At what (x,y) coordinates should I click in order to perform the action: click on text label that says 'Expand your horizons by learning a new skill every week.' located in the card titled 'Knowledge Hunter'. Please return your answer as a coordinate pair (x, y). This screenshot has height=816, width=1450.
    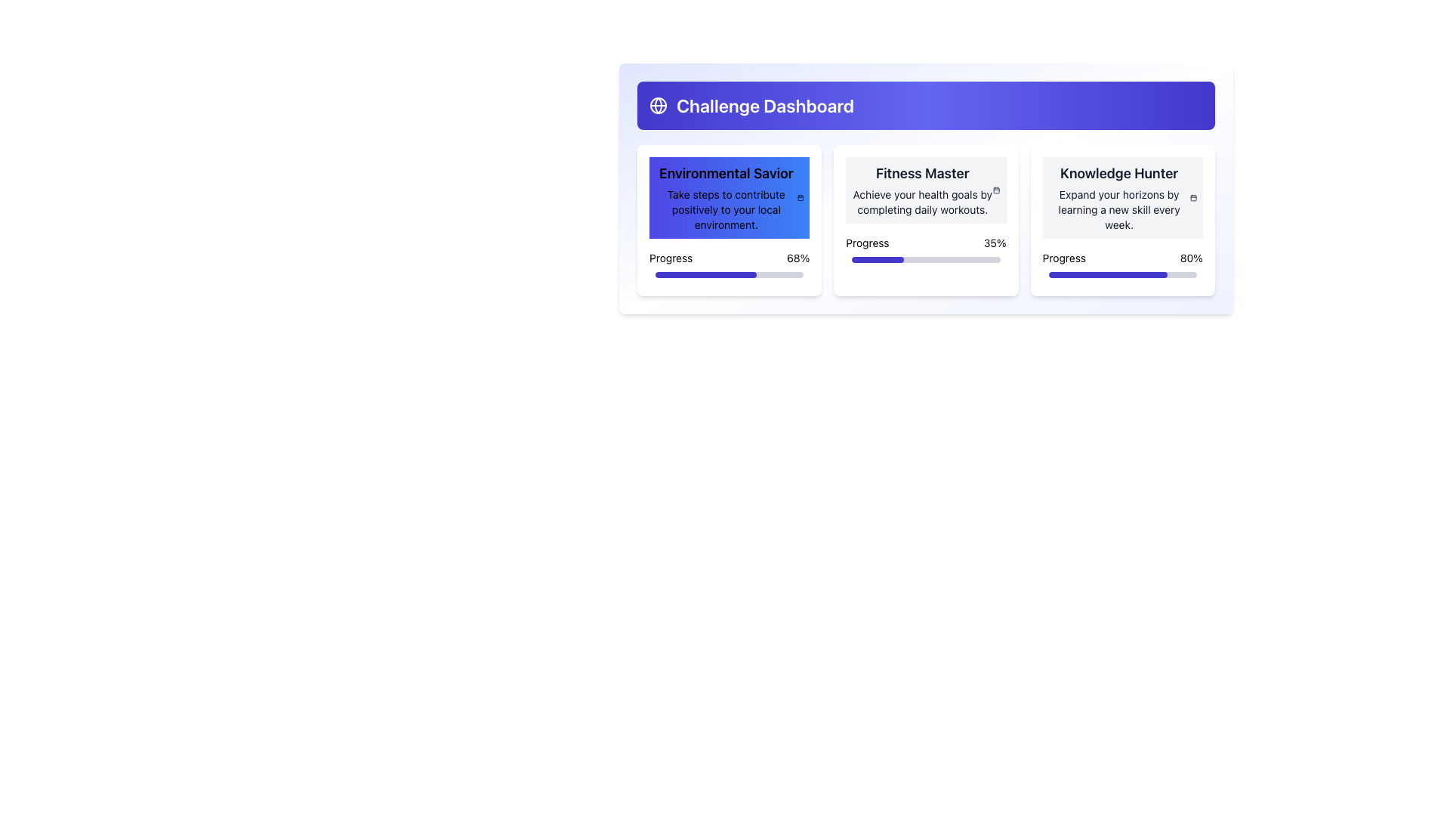
    Looking at the image, I should click on (1119, 209).